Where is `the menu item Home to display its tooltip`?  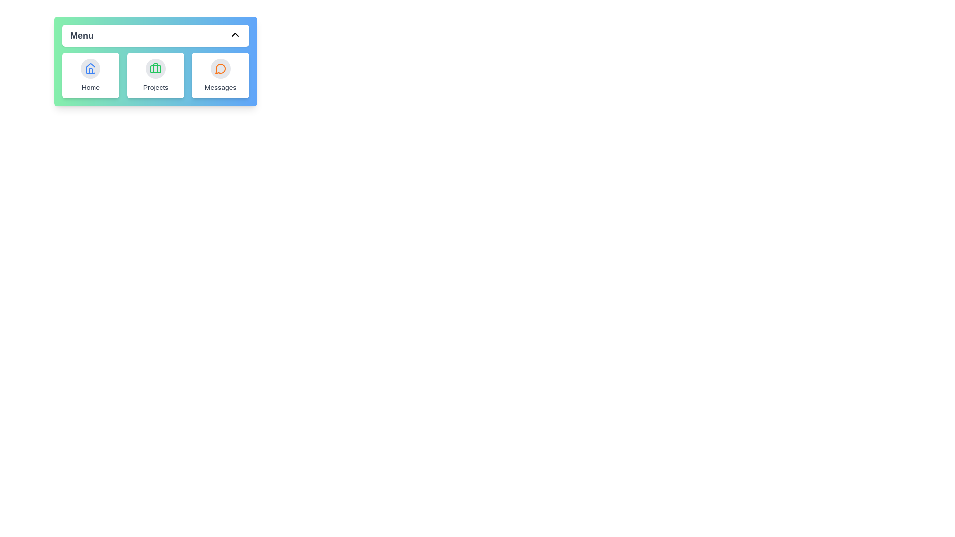
the menu item Home to display its tooltip is located at coordinates (91, 75).